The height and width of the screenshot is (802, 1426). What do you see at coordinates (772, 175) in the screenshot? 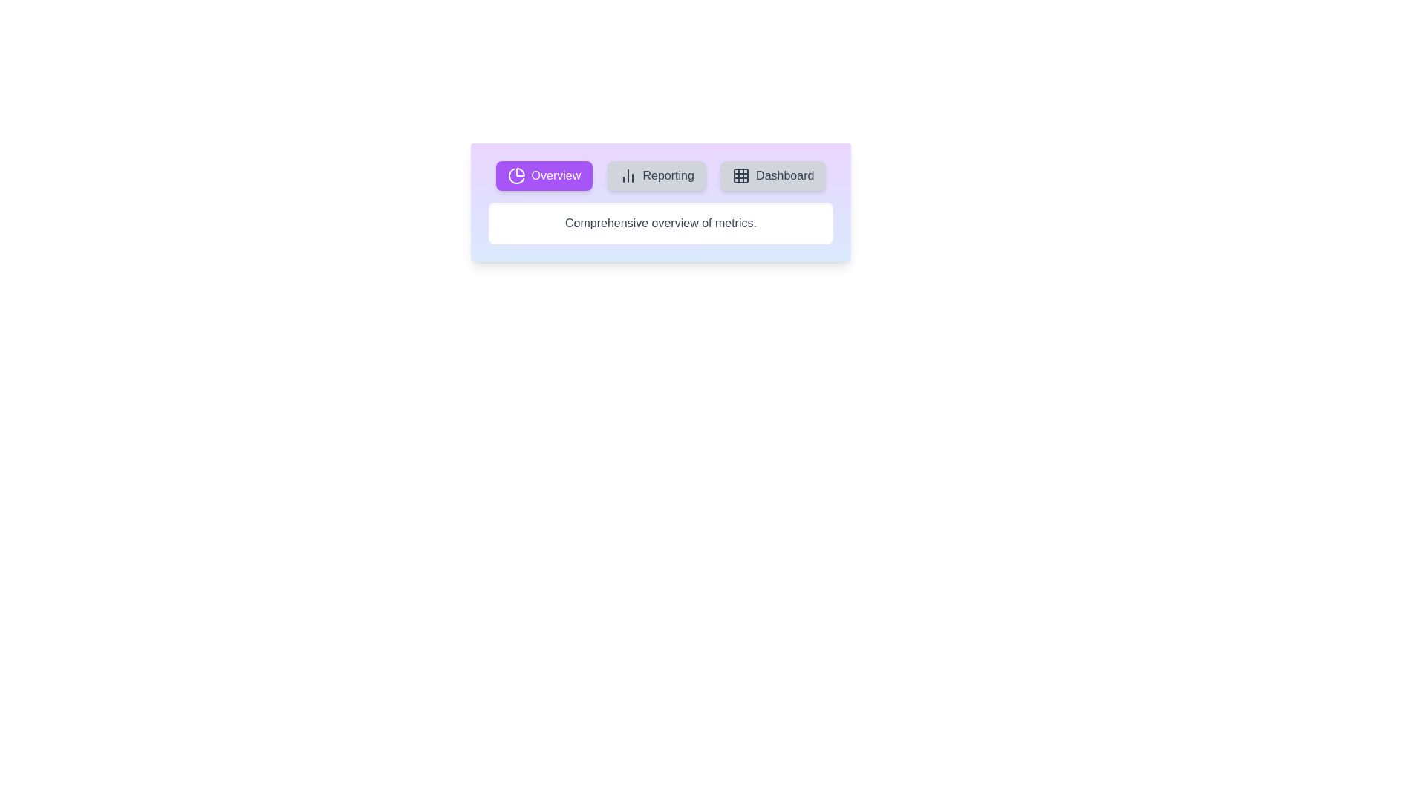
I see `the tab labeled Dashboard` at bounding box center [772, 175].